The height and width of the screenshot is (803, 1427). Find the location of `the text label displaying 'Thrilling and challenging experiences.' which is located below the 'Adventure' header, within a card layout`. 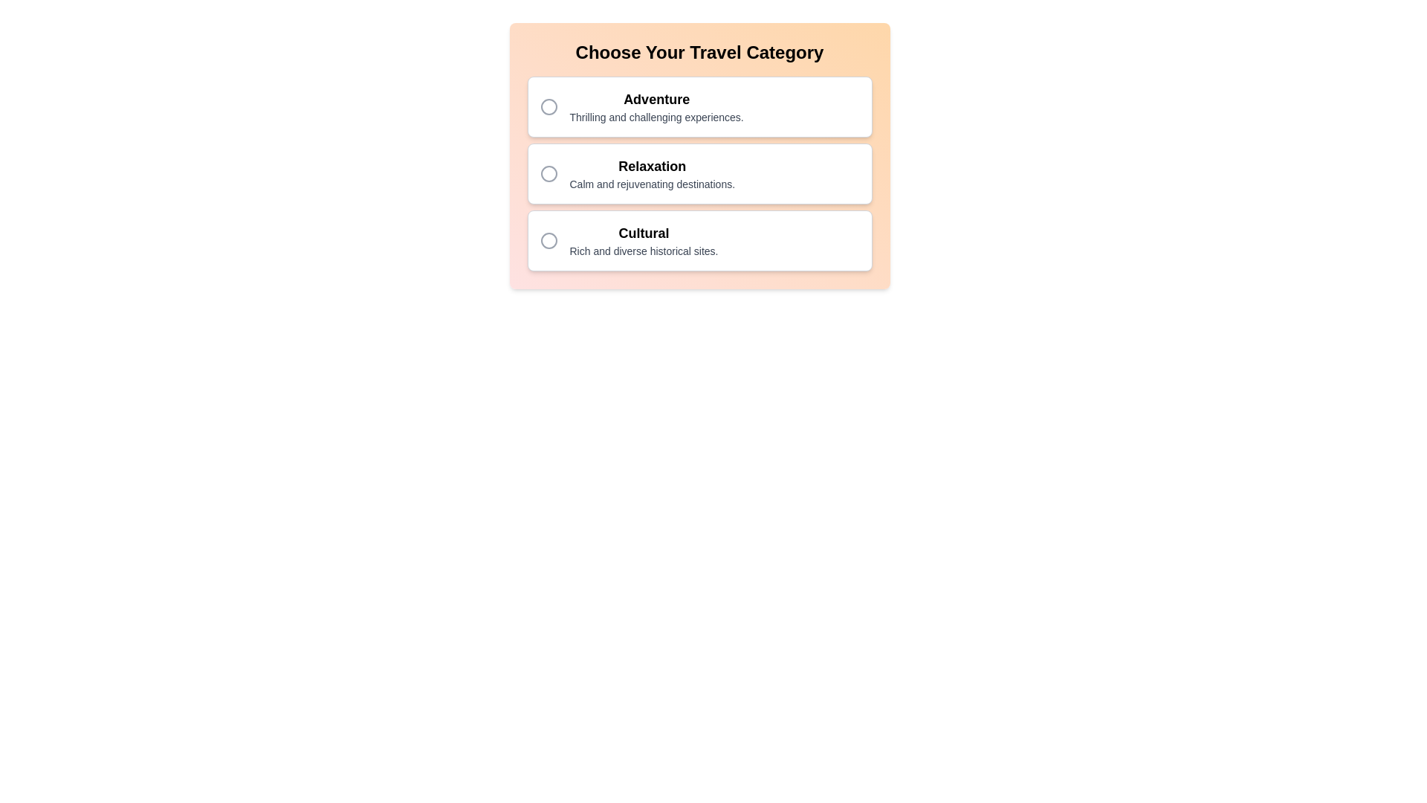

the text label displaying 'Thrilling and challenging experiences.' which is located below the 'Adventure' header, within a card layout is located at coordinates (656, 117).